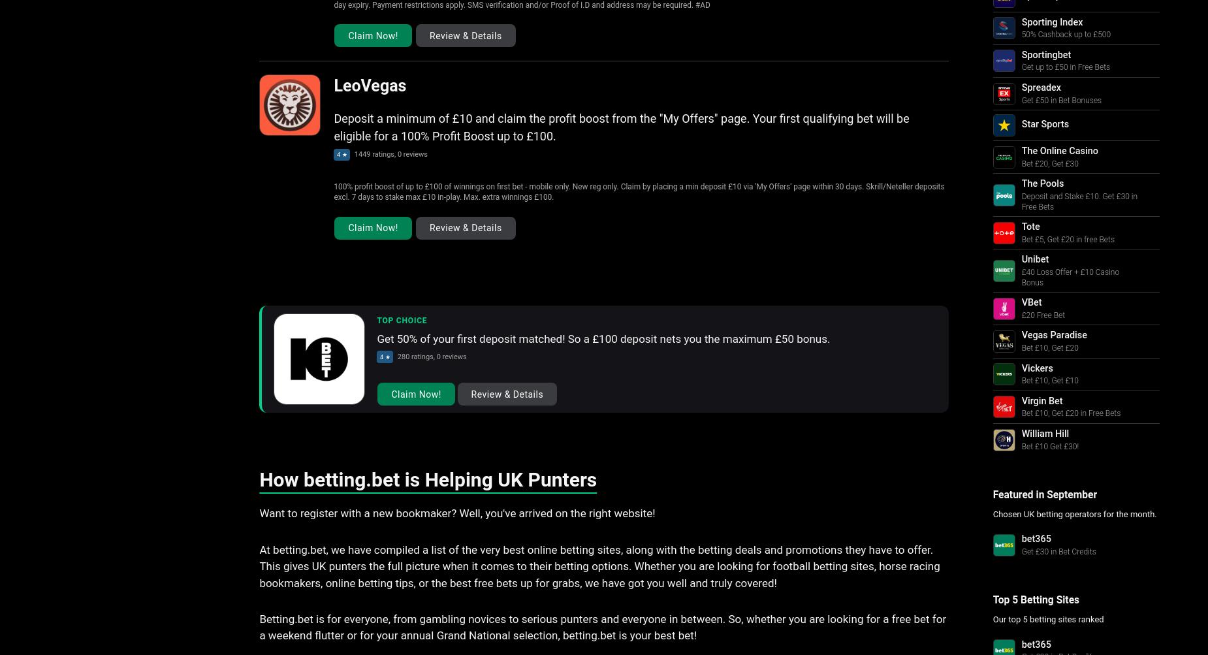  Describe the element at coordinates (620, 126) in the screenshot. I see `'Deposit a minimum of £10 and claim the profit boost from the "My Offers" page. Your first qualifying bet will be eligible for a 100% Profit Boost up to £100.'` at that location.